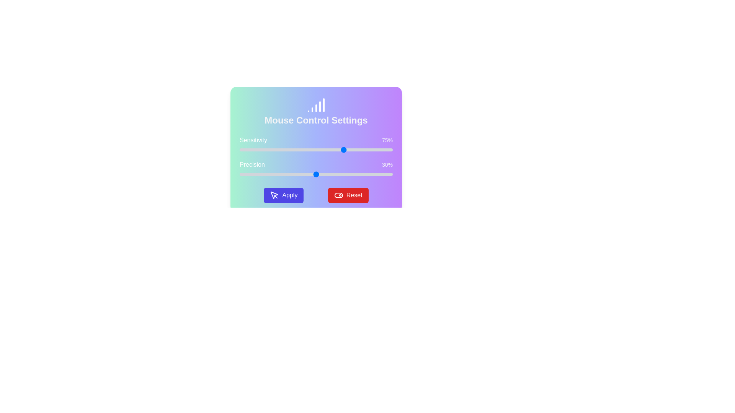 This screenshot has height=413, width=735. I want to click on the precision, so click(251, 174).